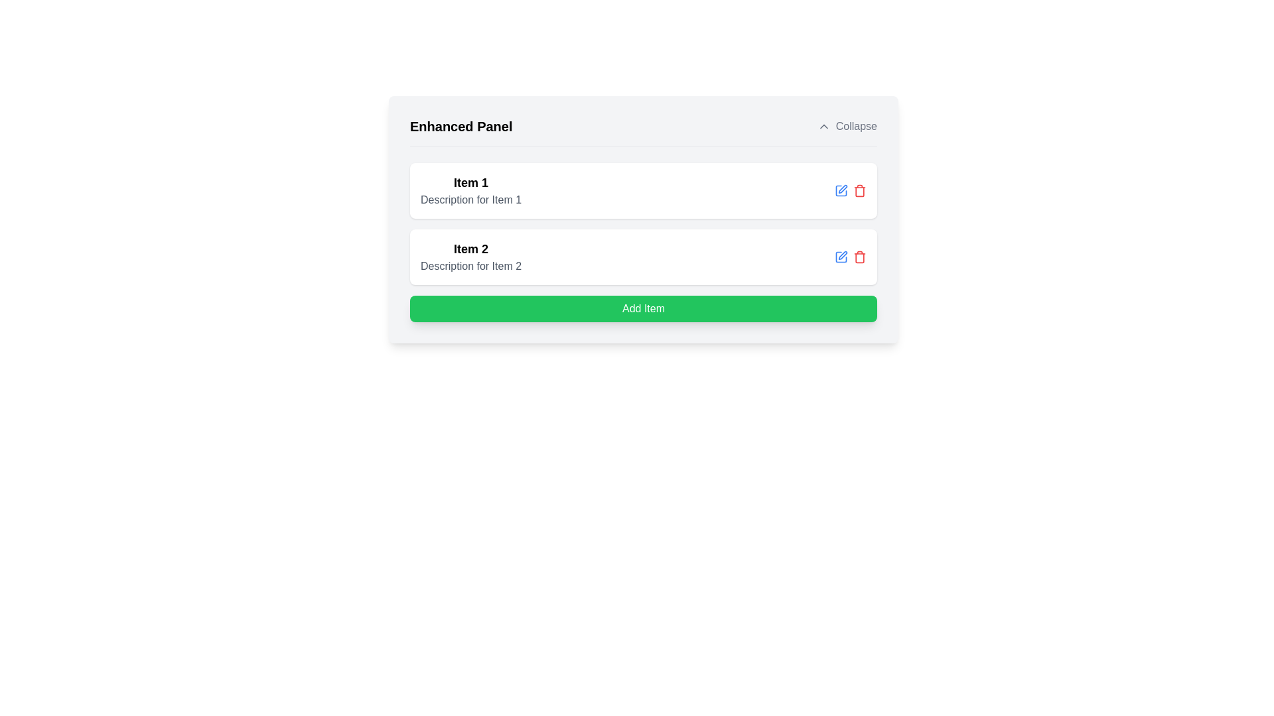 Image resolution: width=1274 pixels, height=716 pixels. I want to click on the upward-facing chevron icon (Chevron Up) located before the text 'Collapse' in the top-right corner of the interface header, so click(823, 127).